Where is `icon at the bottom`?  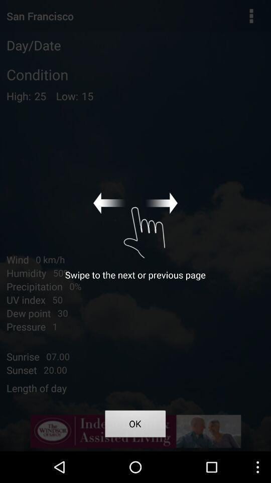 icon at the bottom is located at coordinates (135, 425).